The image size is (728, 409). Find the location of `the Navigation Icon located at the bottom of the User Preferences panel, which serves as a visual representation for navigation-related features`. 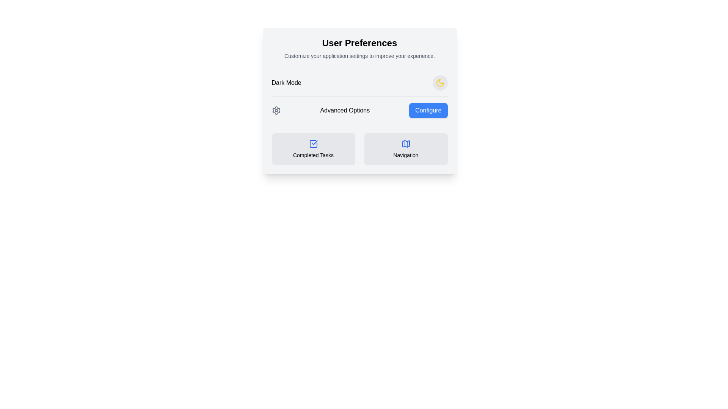

the Navigation Icon located at the bottom of the User Preferences panel, which serves as a visual representation for navigation-related features is located at coordinates (405, 144).